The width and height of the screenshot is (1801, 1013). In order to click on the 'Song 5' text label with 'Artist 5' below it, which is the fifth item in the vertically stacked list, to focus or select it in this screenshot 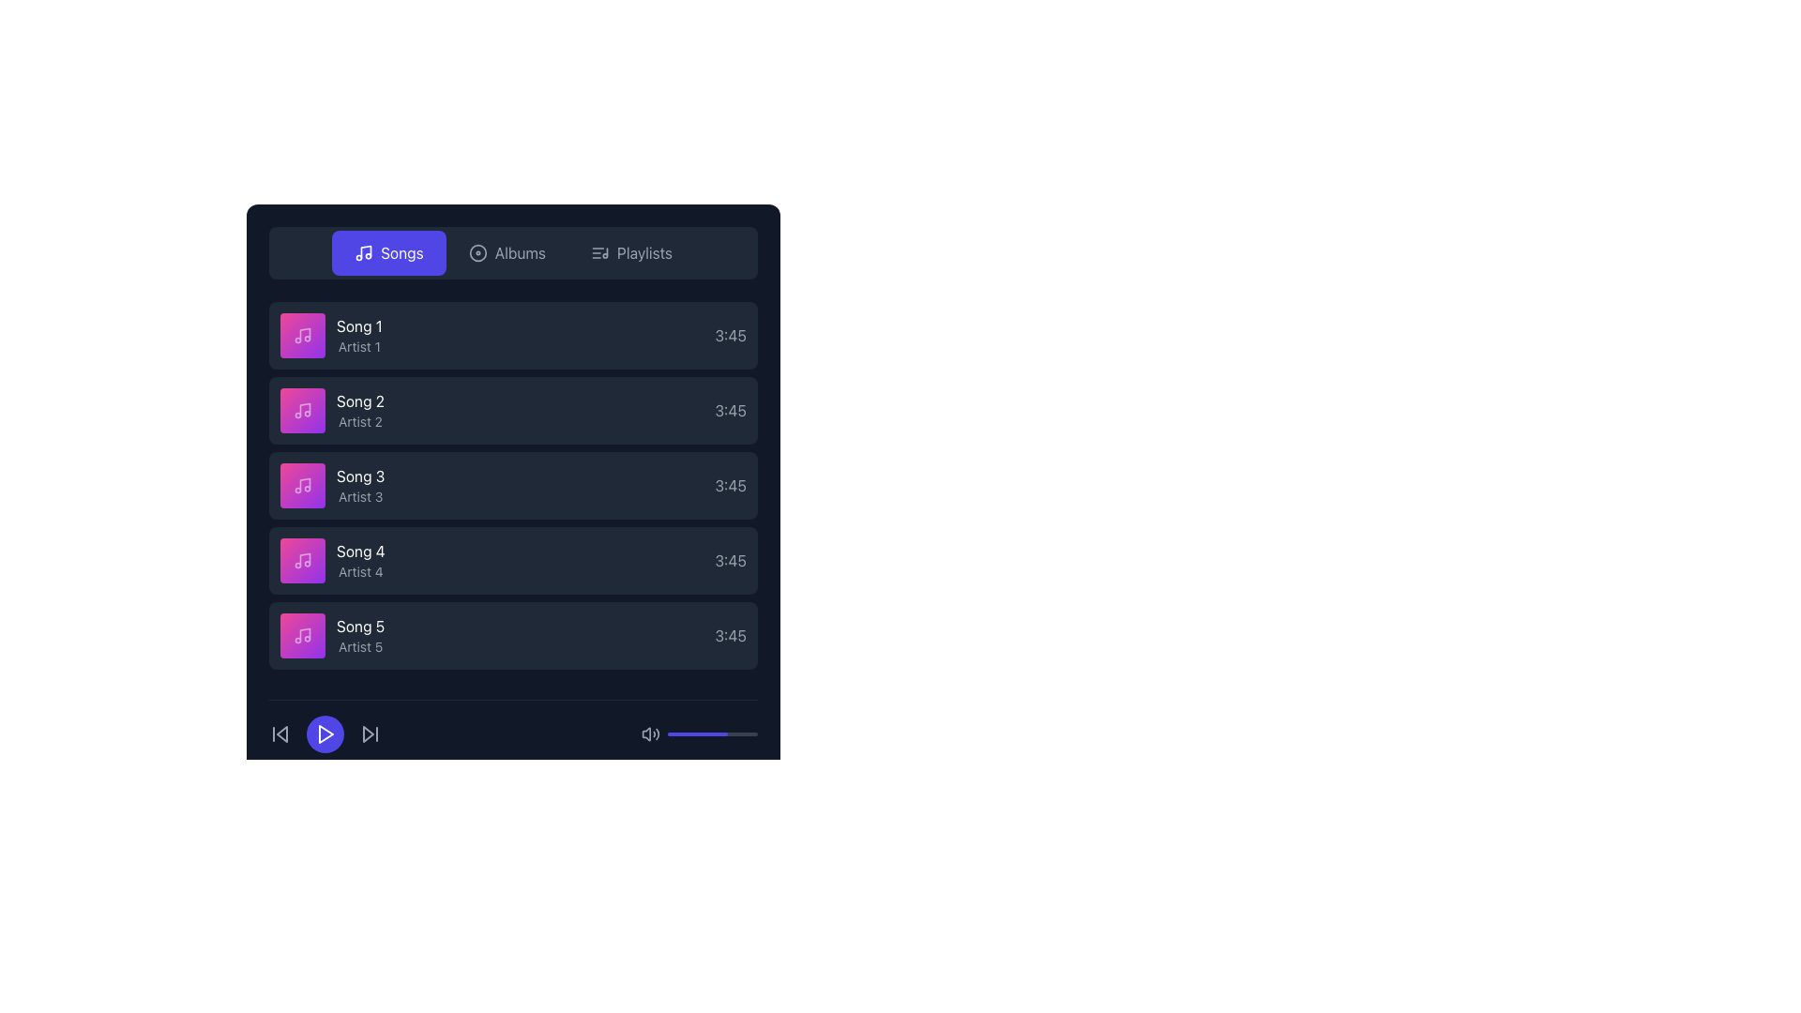, I will do `click(360, 635)`.